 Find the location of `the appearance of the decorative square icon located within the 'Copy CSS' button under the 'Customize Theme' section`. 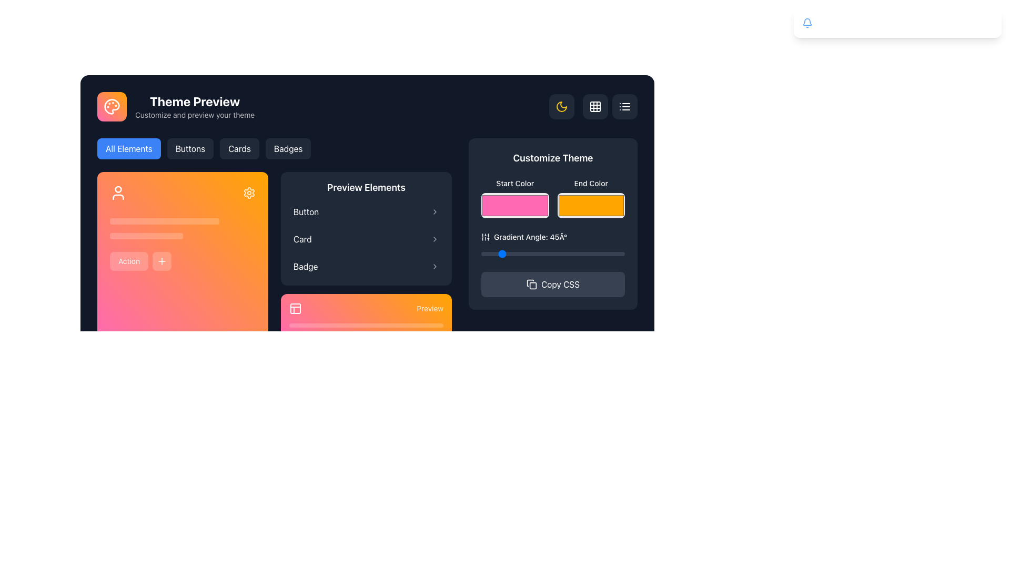

the appearance of the decorative square icon located within the 'Copy CSS' button under the 'Customize Theme' section is located at coordinates (533, 286).